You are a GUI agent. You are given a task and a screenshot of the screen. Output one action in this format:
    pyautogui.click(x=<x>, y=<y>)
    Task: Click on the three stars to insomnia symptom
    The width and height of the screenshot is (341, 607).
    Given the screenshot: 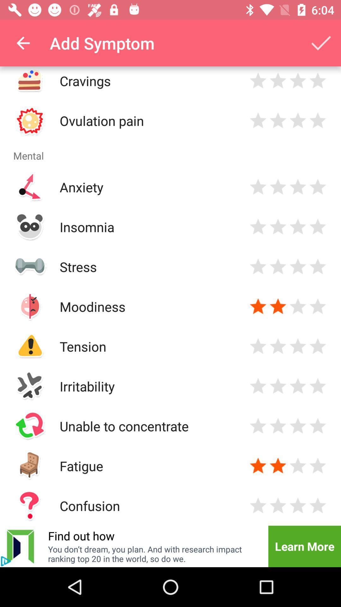 What is the action you would take?
    pyautogui.click(x=298, y=227)
    